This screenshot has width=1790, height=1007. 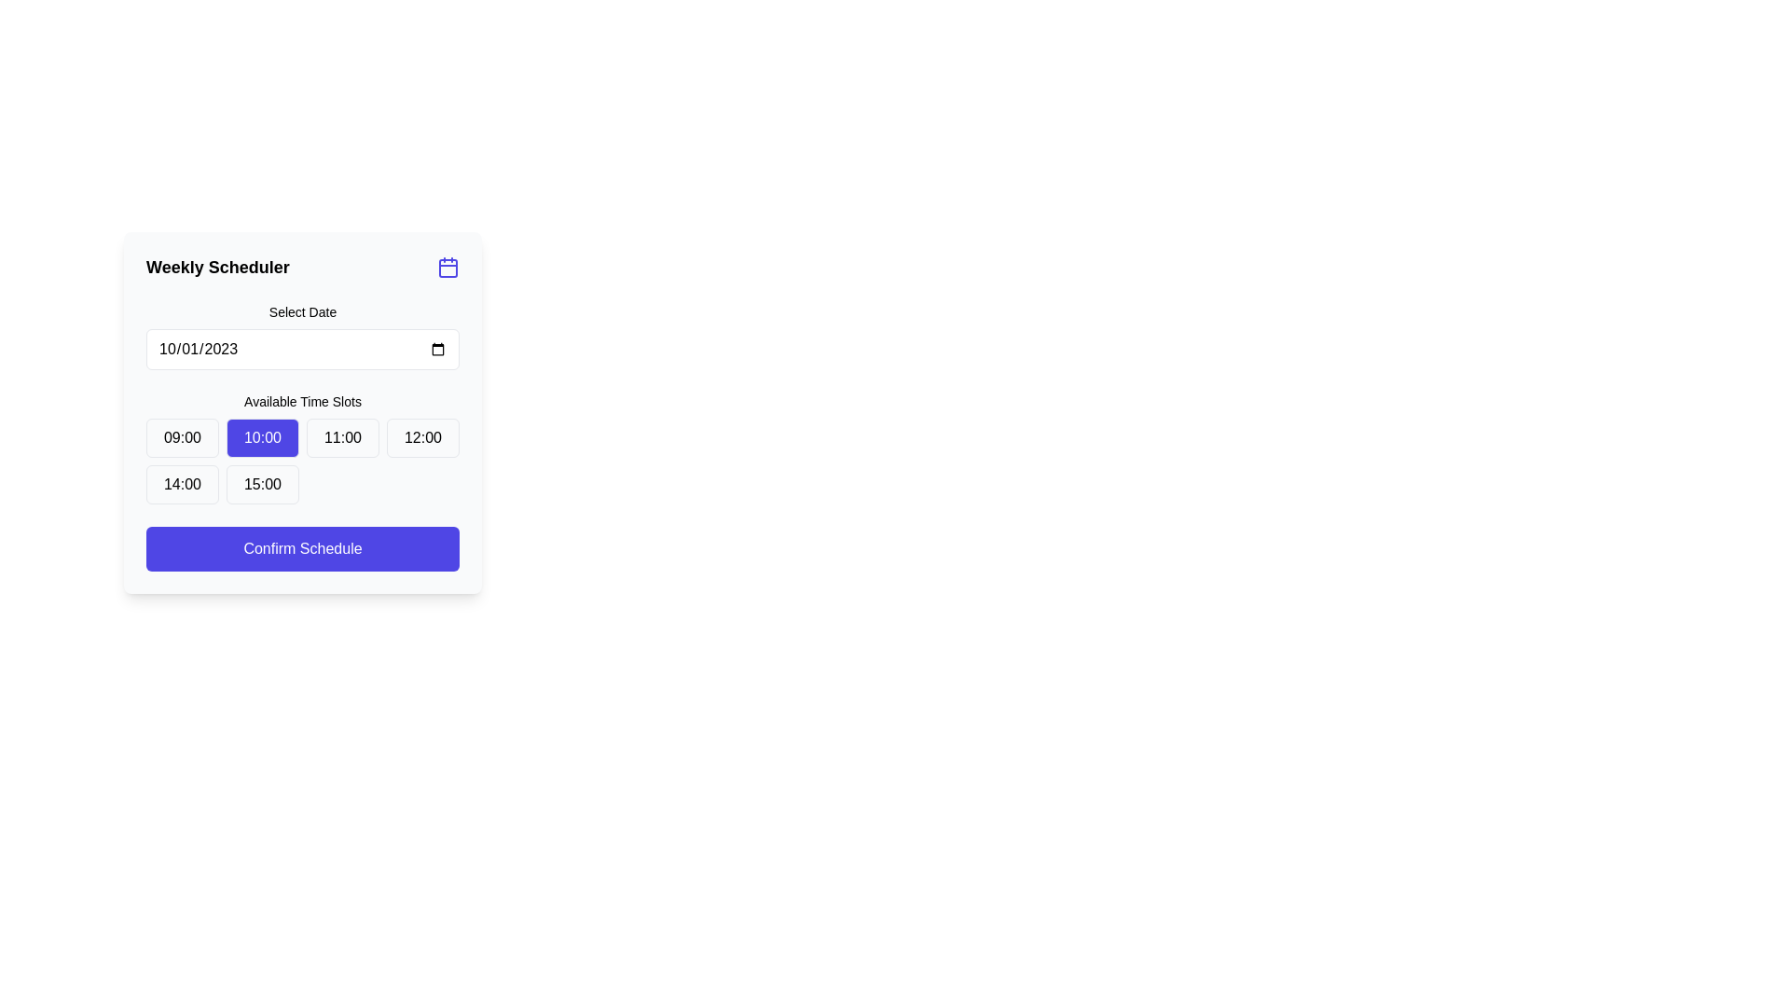 I want to click on the button in the fourth column of the grid layout, so click(x=422, y=438).